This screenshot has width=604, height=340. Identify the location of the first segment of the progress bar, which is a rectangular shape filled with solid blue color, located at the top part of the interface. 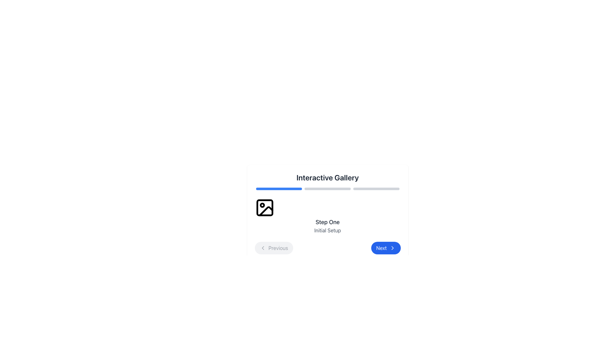
(278, 189).